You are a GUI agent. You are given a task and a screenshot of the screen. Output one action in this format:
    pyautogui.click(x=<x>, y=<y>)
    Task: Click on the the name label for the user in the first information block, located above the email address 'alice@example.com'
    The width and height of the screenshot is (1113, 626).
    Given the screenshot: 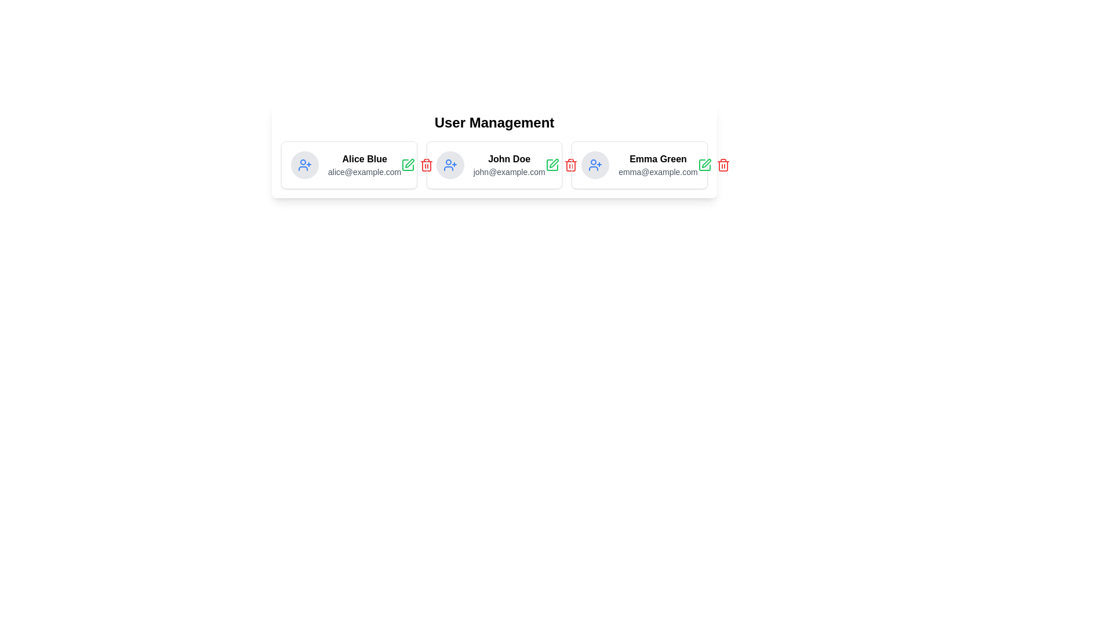 What is the action you would take?
    pyautogui.click(x=364, y=159)
    